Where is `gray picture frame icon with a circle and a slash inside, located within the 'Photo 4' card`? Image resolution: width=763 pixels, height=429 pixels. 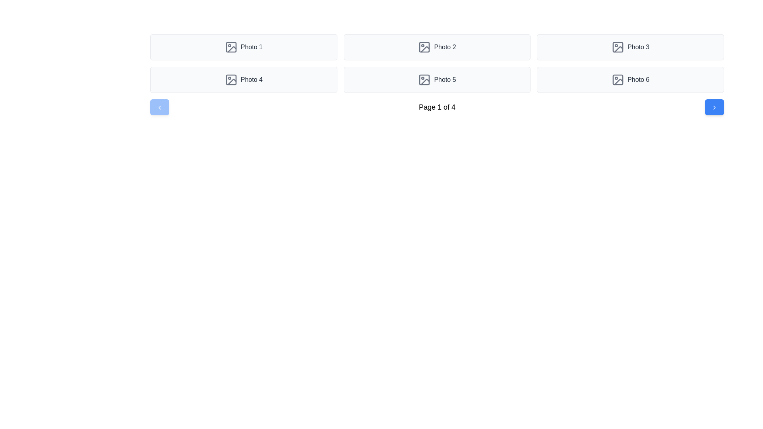
gray picture frame icon with a circle and a slash inside, located within the 'Photo 4' card is located at coordinates (230, 79).